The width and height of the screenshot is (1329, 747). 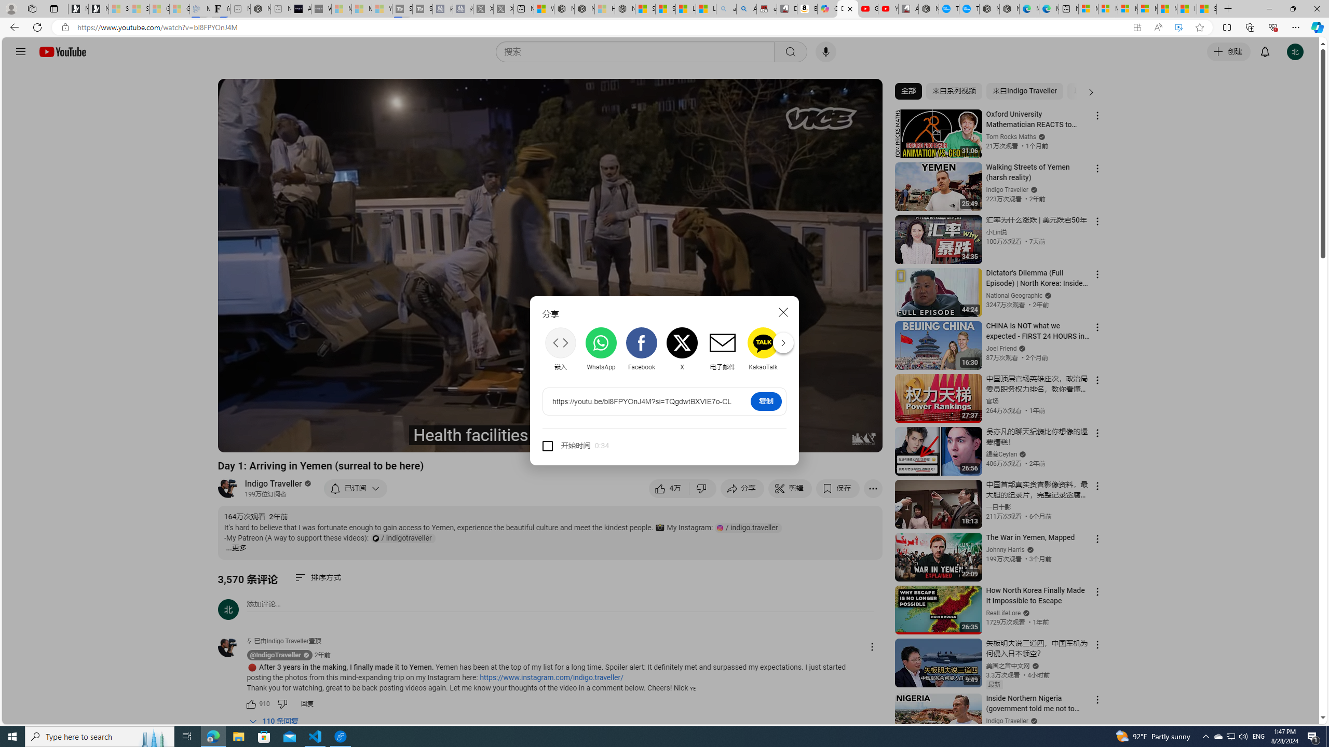 What do you see at coordinates (867, 8) in the screenshot?
I see `'Gloom - YouTube'` at bounding box center [867, 8].